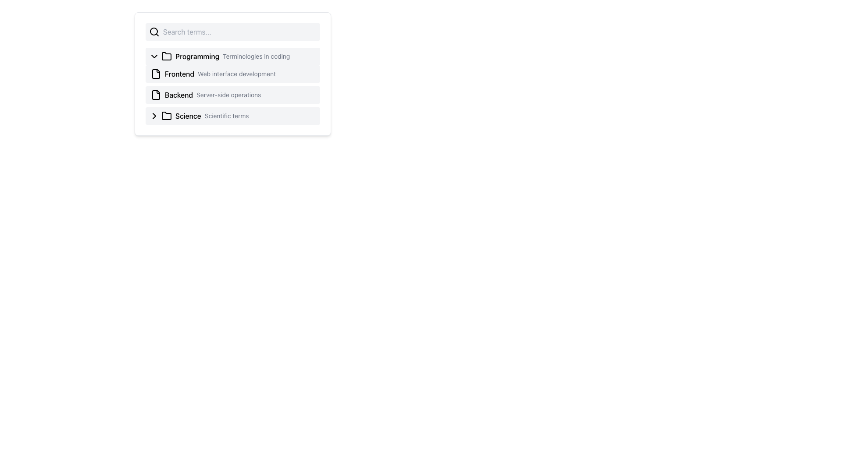 Image resolution: width=842 pixels, height=473 pixels. What do you see at coordinates (228, 95) in the screenshot?
I see `the text label displaying 'Server-side operations', which is located on the third row to the right of the 'Backend' label` at bounding box center [228, 95].